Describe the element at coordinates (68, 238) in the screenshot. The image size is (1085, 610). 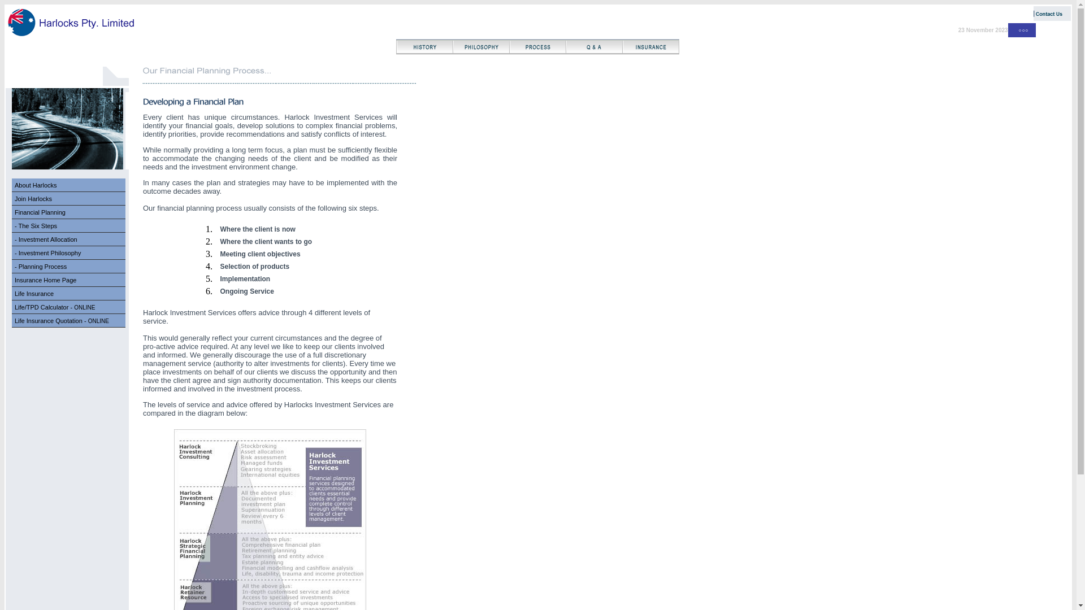
I see `'- Investment Allocation'` at that location.